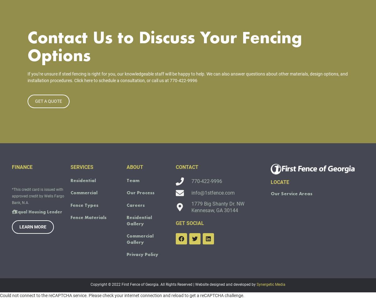  What do you see at coordinates (48, 110) in the screenshot?
I see `'GET A QUOTE'` at bounding box center [48, 110].